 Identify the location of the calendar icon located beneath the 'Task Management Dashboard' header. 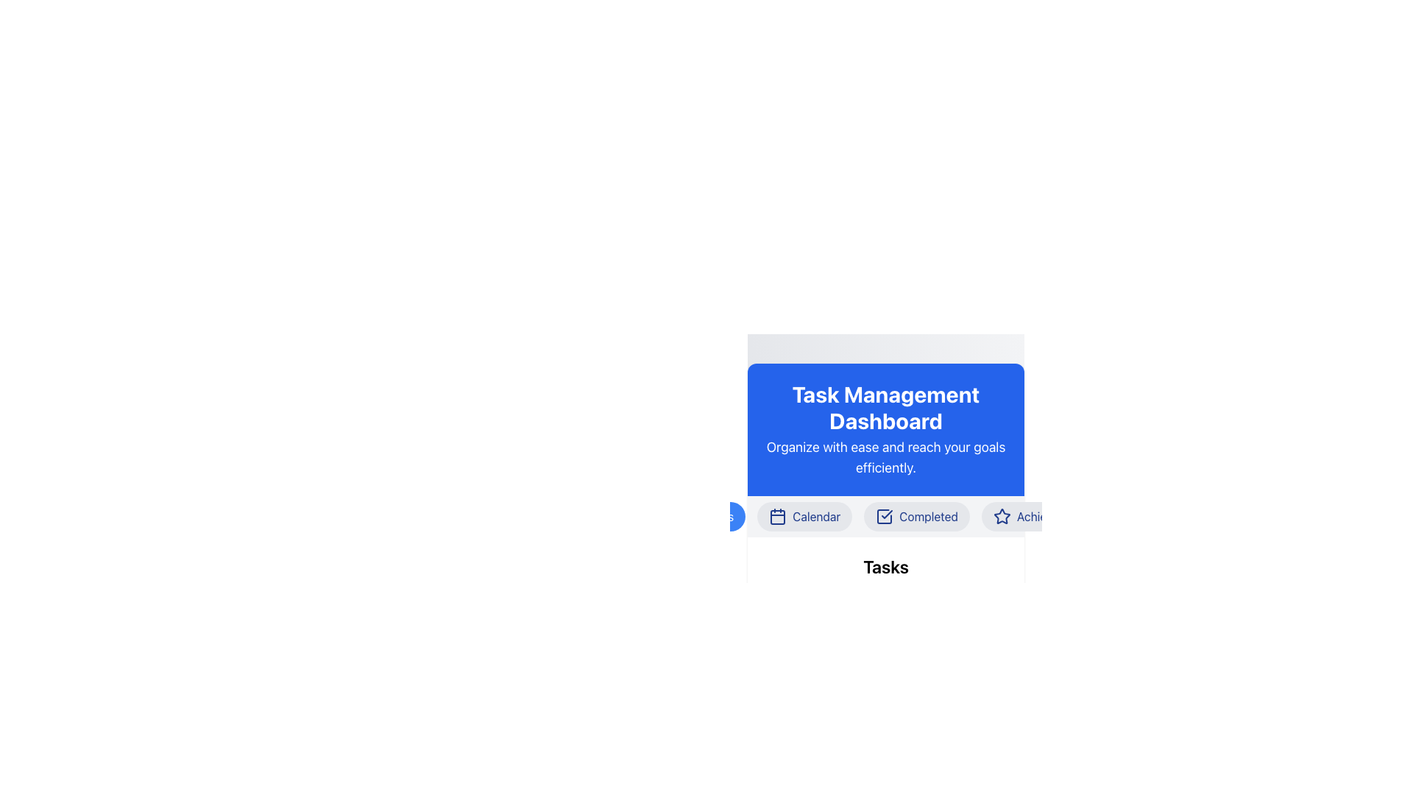
(777, 516).